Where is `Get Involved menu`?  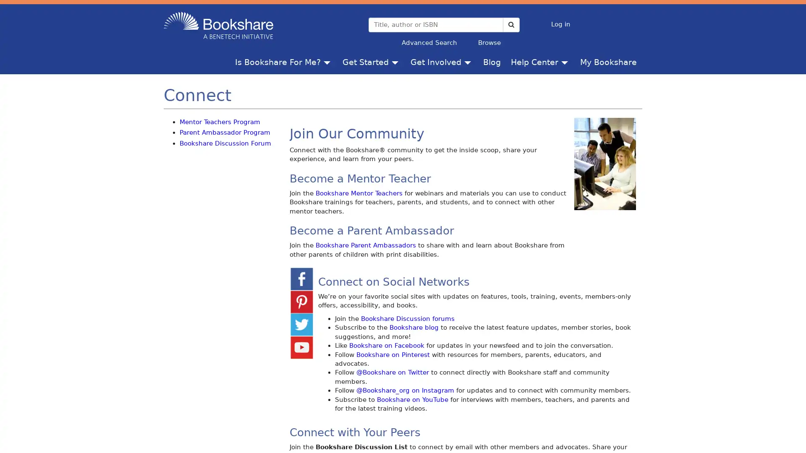
Get Involved menu is located at coordinates (469, 61).